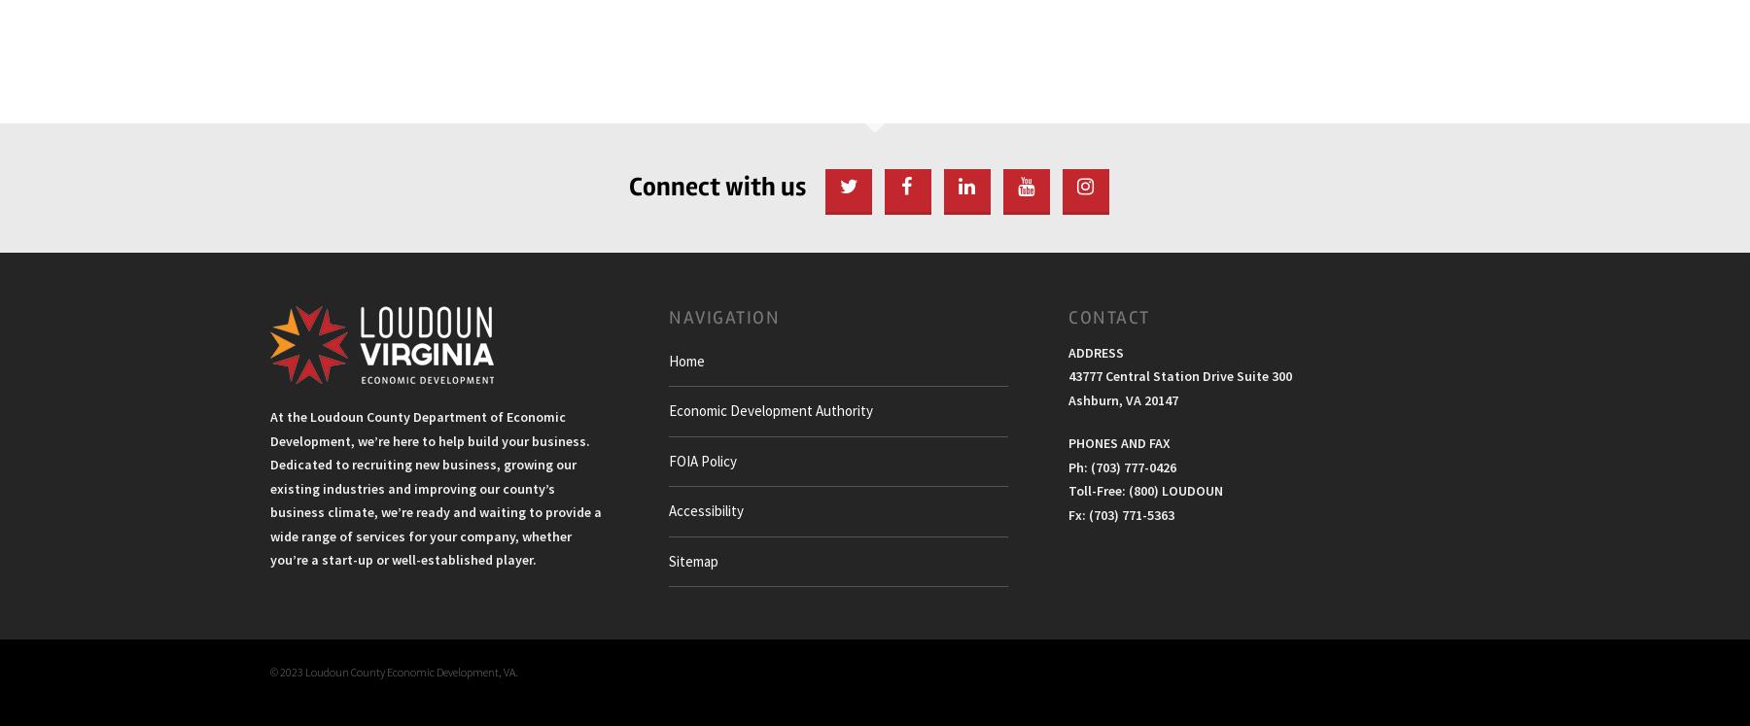  Describe the element at coordinates (435, 486) in the screenshot. I see `'At the Loudoun County Department of Economic Development, we’re here to help build your business. Dedicated to recruiting new business, growing our existing industries and improving our county’s business climate, we’re ready and waiting to provide a wide range of services for your company, whether you’re a start-up or well-established player.'` at that location.